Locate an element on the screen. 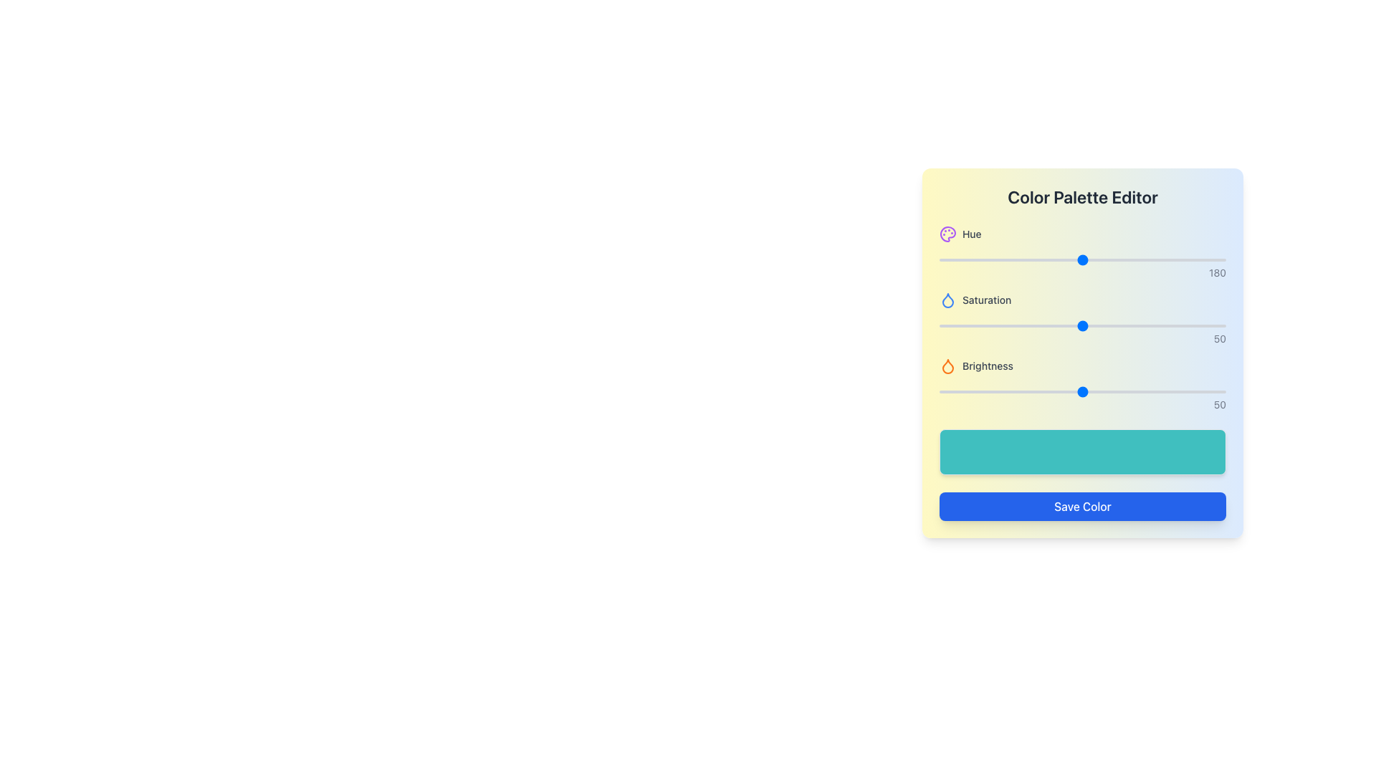  hue is located at coordinates (1215, 259).